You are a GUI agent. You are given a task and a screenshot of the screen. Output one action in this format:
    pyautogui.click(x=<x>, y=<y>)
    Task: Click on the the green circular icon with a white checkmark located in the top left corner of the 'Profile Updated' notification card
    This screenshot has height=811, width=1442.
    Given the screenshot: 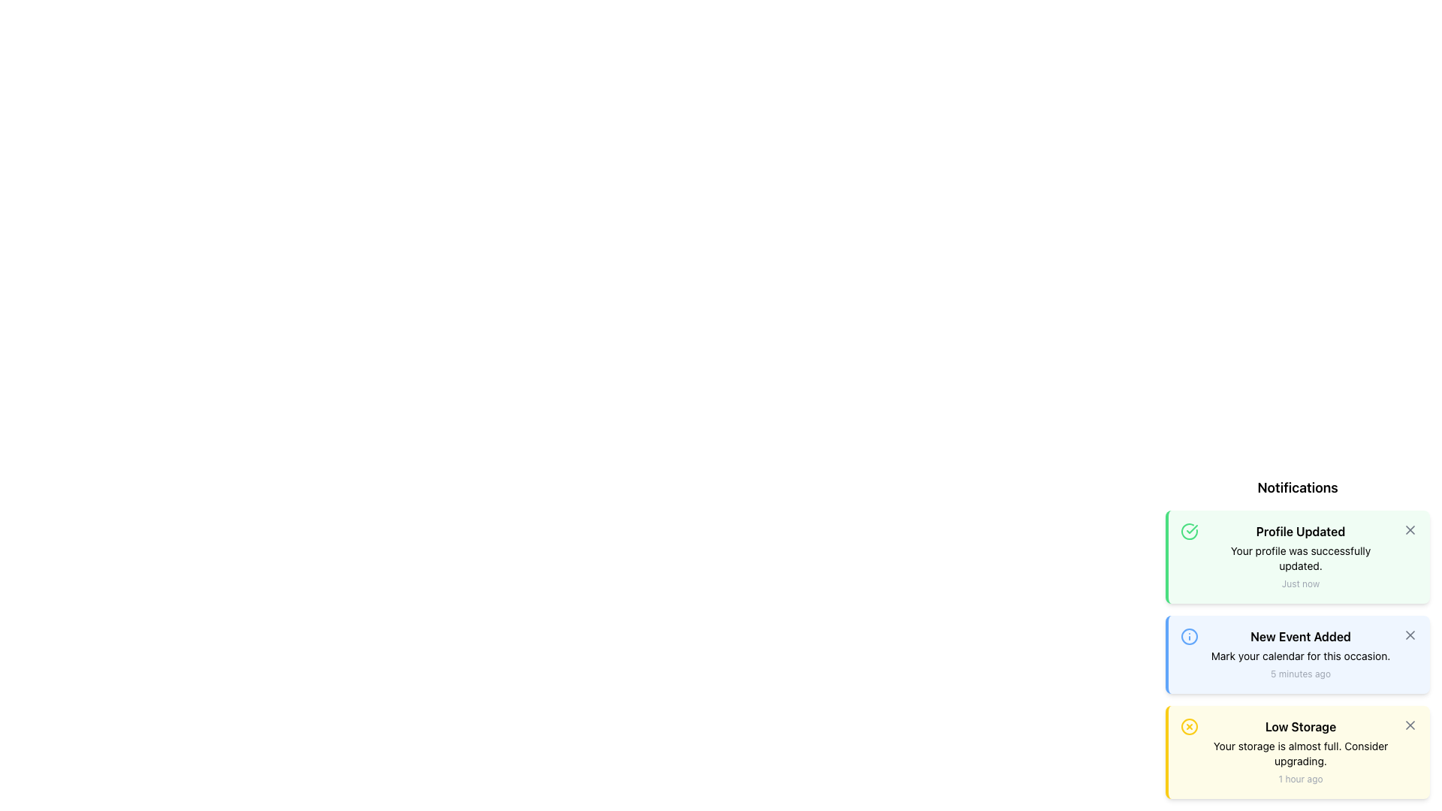 What is the action you would take?
    pyautogui.click(x=1189, y=531)
    